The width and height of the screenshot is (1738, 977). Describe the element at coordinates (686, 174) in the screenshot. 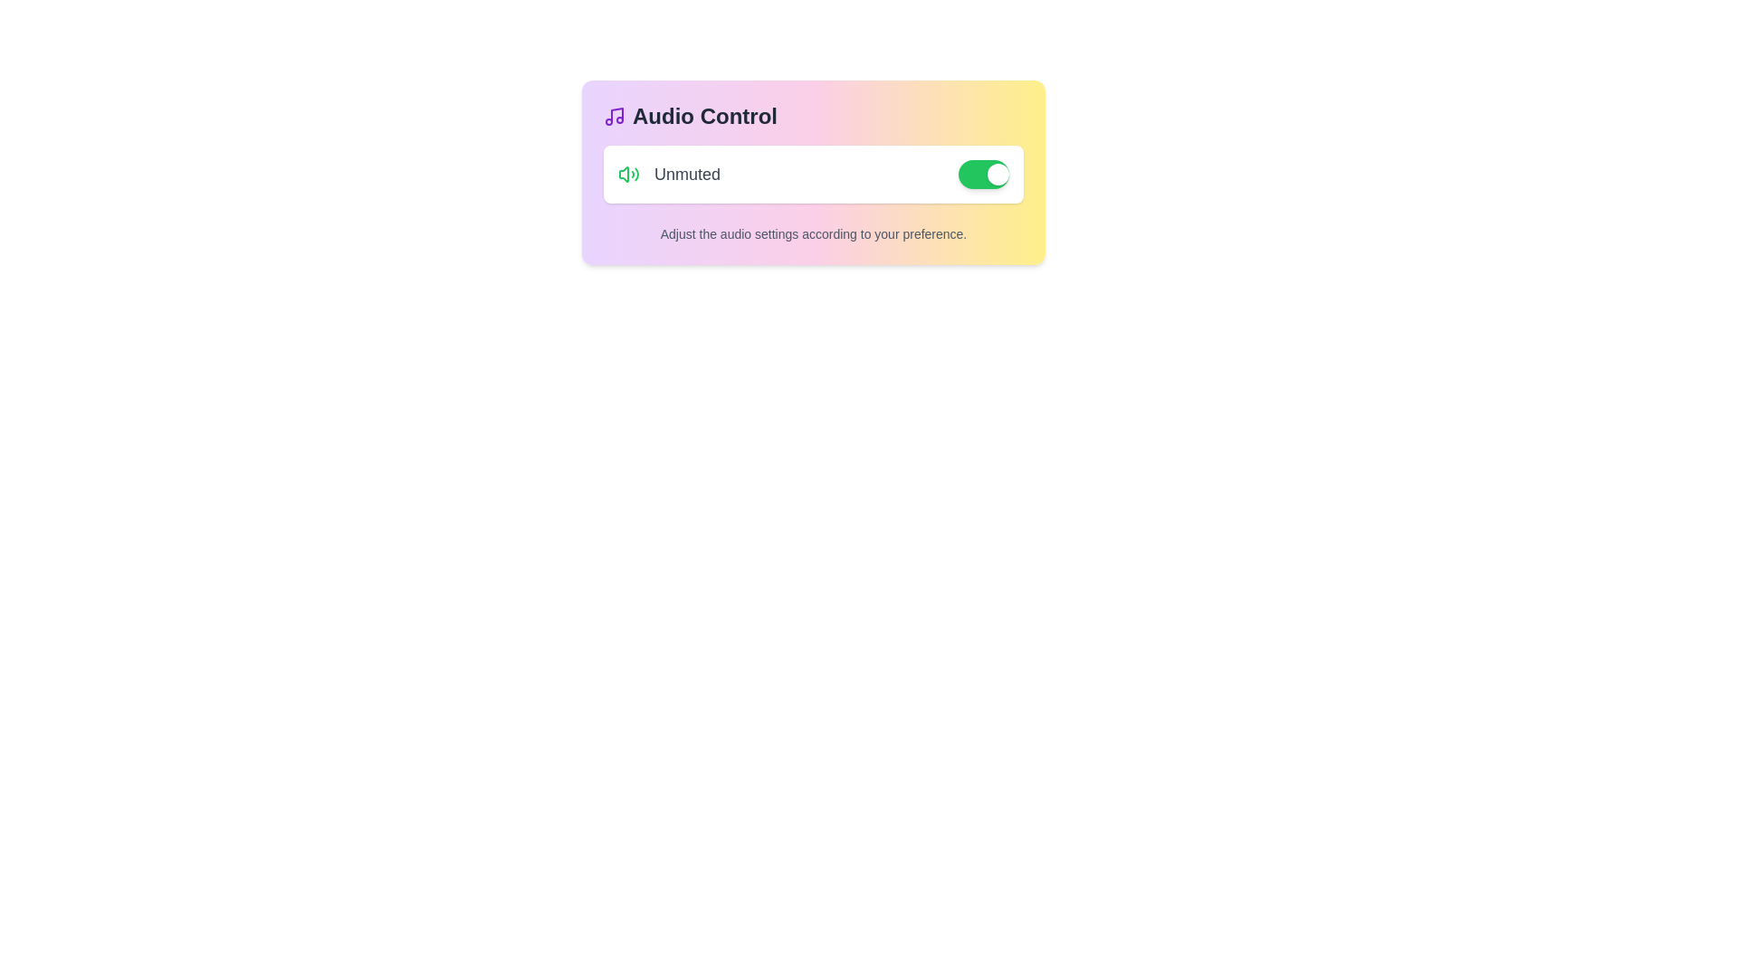

I see `the static text label indicating the current audio state, which displays 'Unmuted.'` at that location.